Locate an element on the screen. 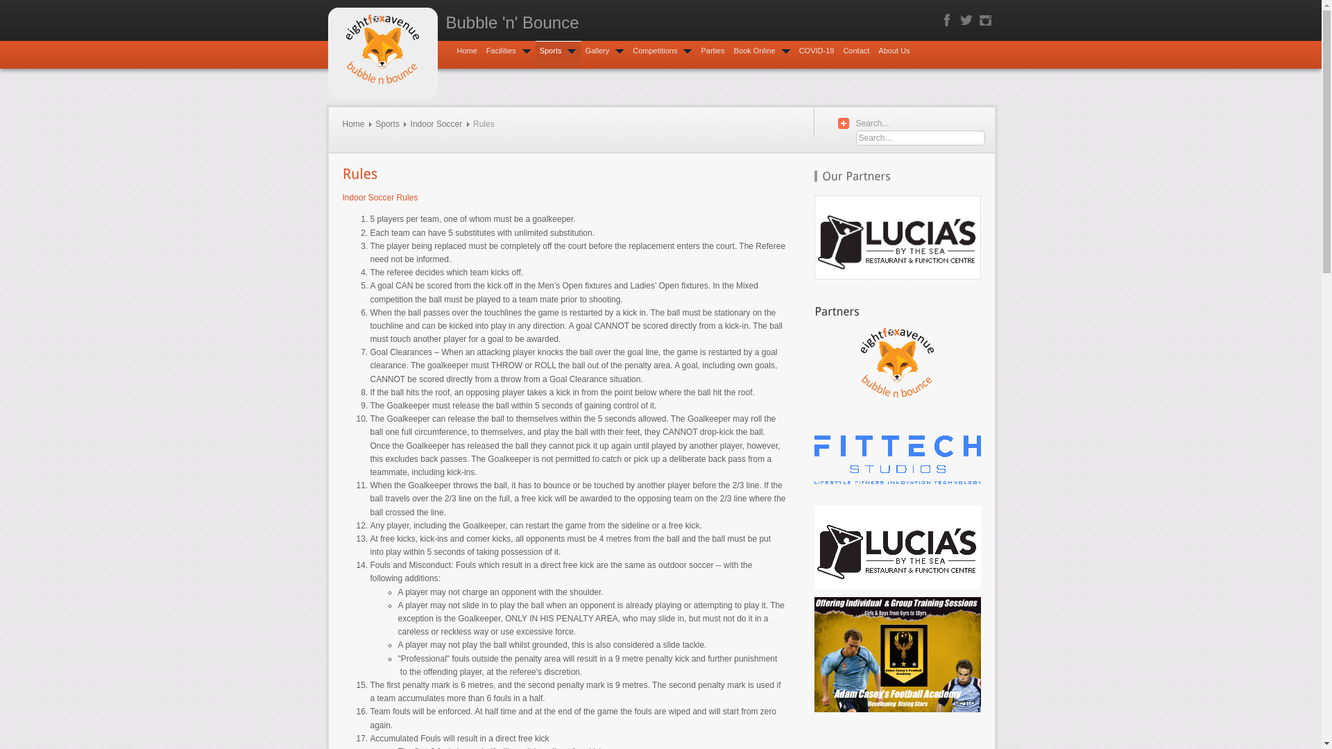 The width and height of the screenshot is (1332, 749). 'Visit FITTECH STUDIOS for your Fitness and Wellbeing needs!' is located at coordinates (898, 455).